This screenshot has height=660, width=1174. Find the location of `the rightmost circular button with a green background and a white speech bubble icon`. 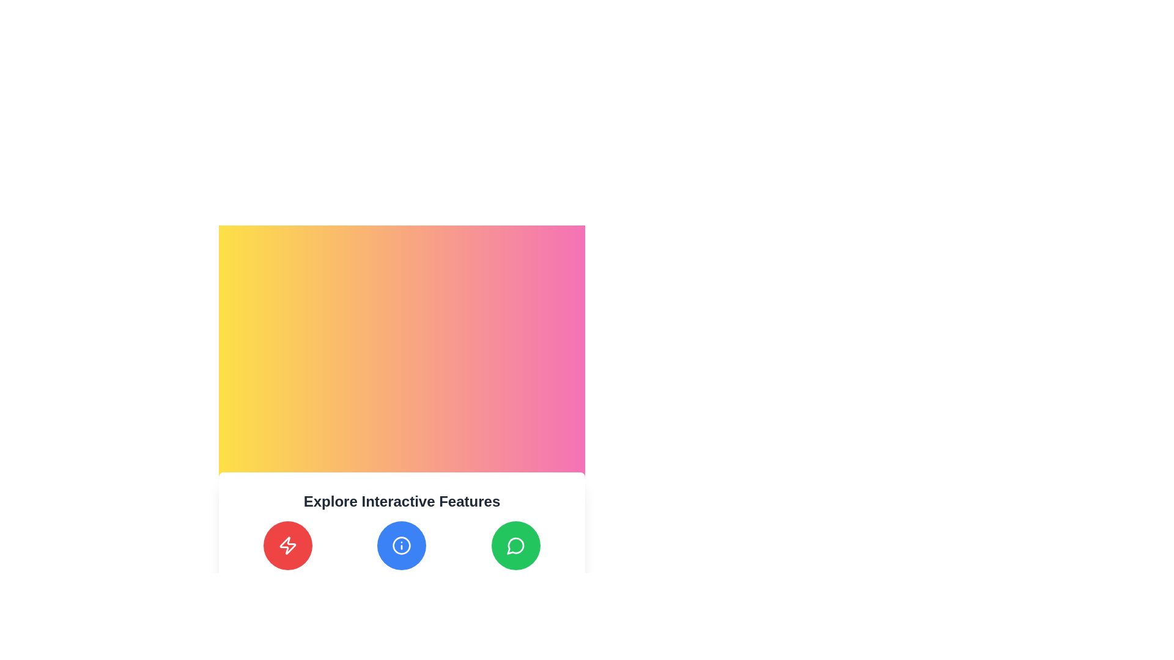

the rightmost circular button with a green background and a white speech bubble icon is located at coordinates (515, 545).